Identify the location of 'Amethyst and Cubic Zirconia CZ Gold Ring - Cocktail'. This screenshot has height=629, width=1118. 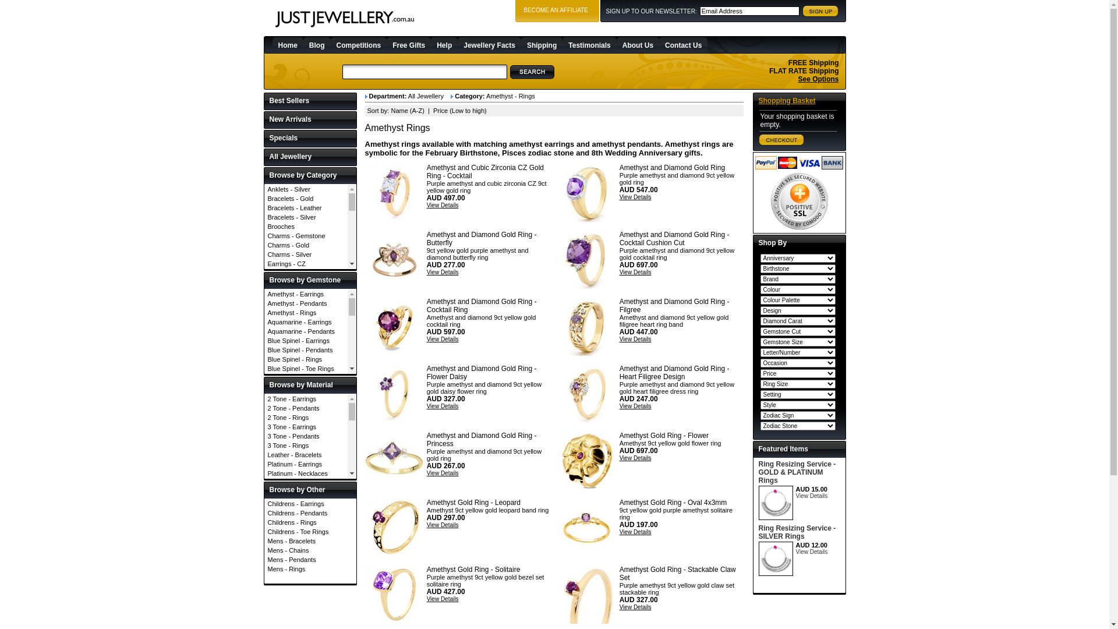
(394, 192).